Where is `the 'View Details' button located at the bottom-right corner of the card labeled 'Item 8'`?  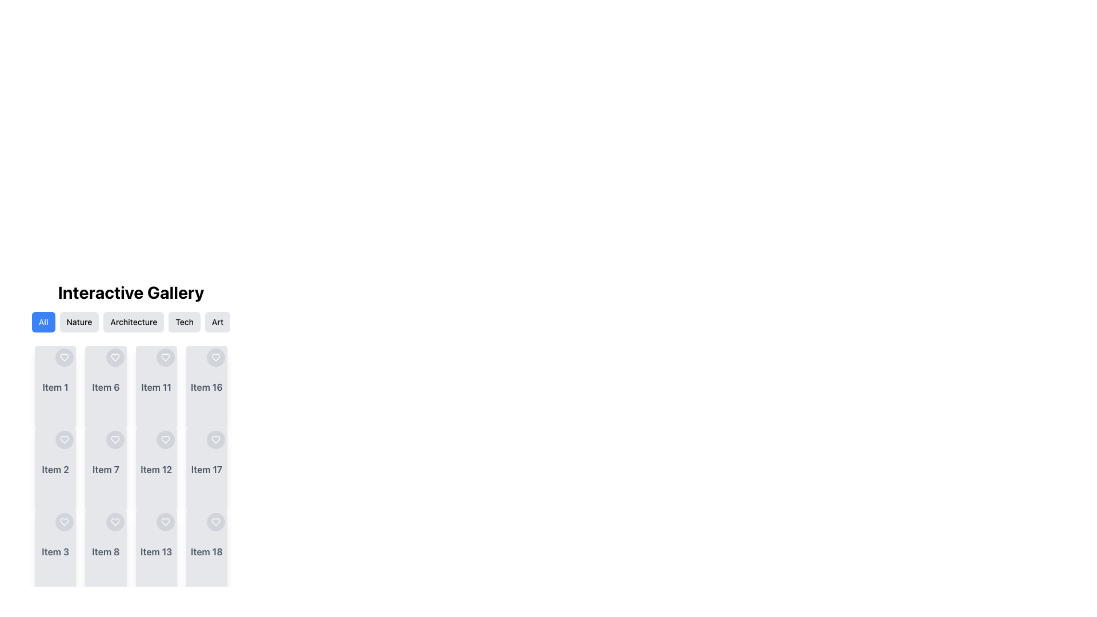
the 'View Details' button located at the bottom-right corner of the card labeled 'Item 8' is located at coordinates (87, 551).